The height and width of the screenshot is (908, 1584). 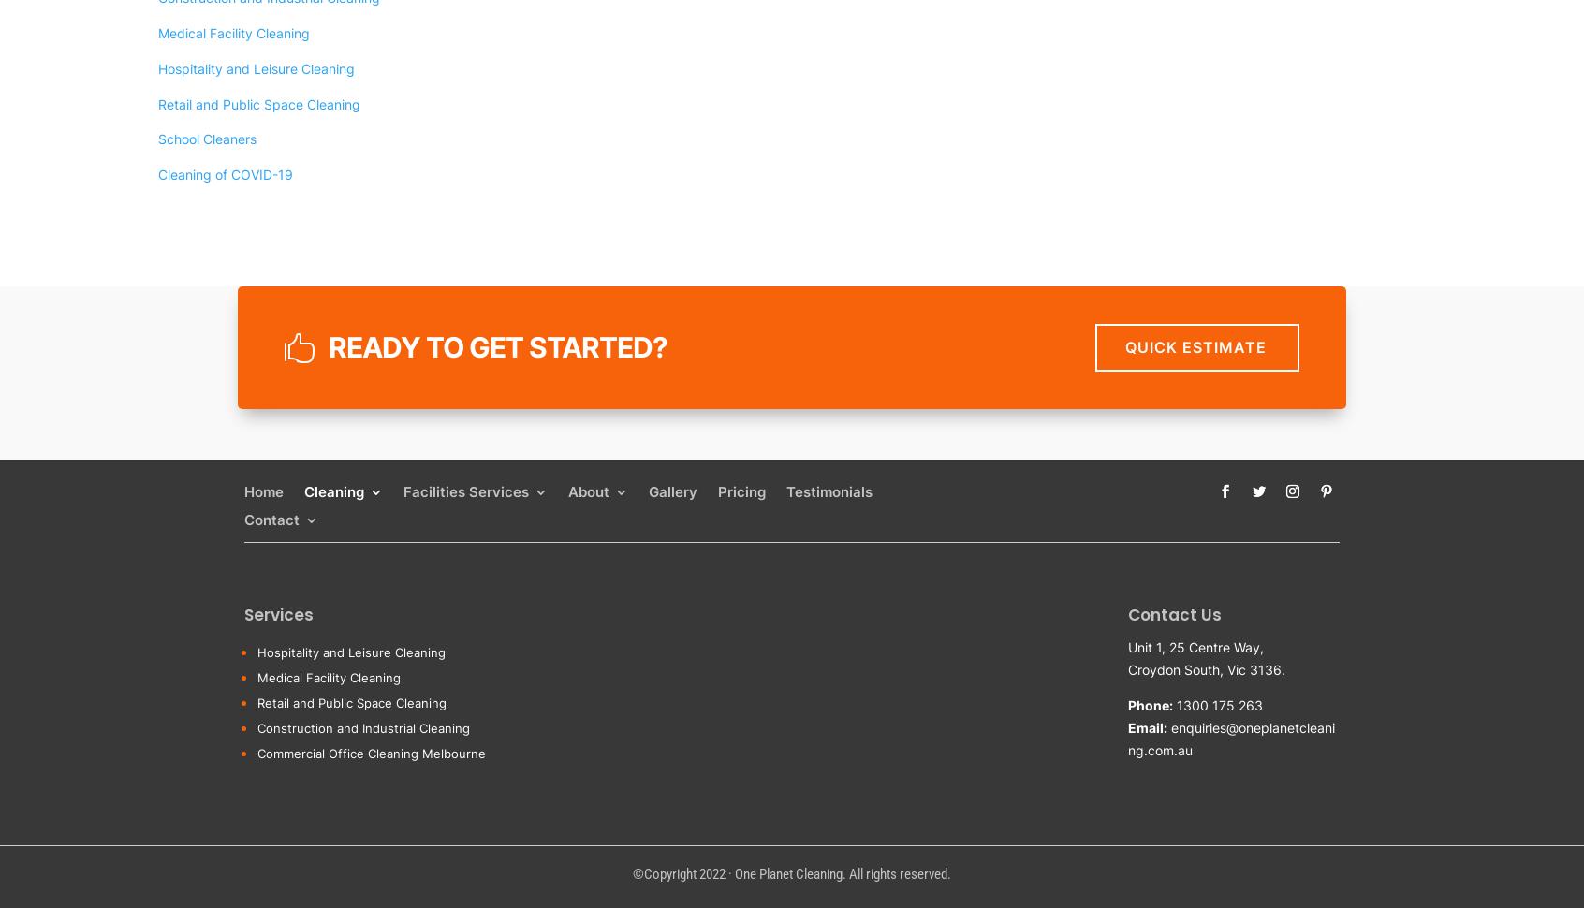 I want to click on 'Medical Facility', so click(x=386, y=810).